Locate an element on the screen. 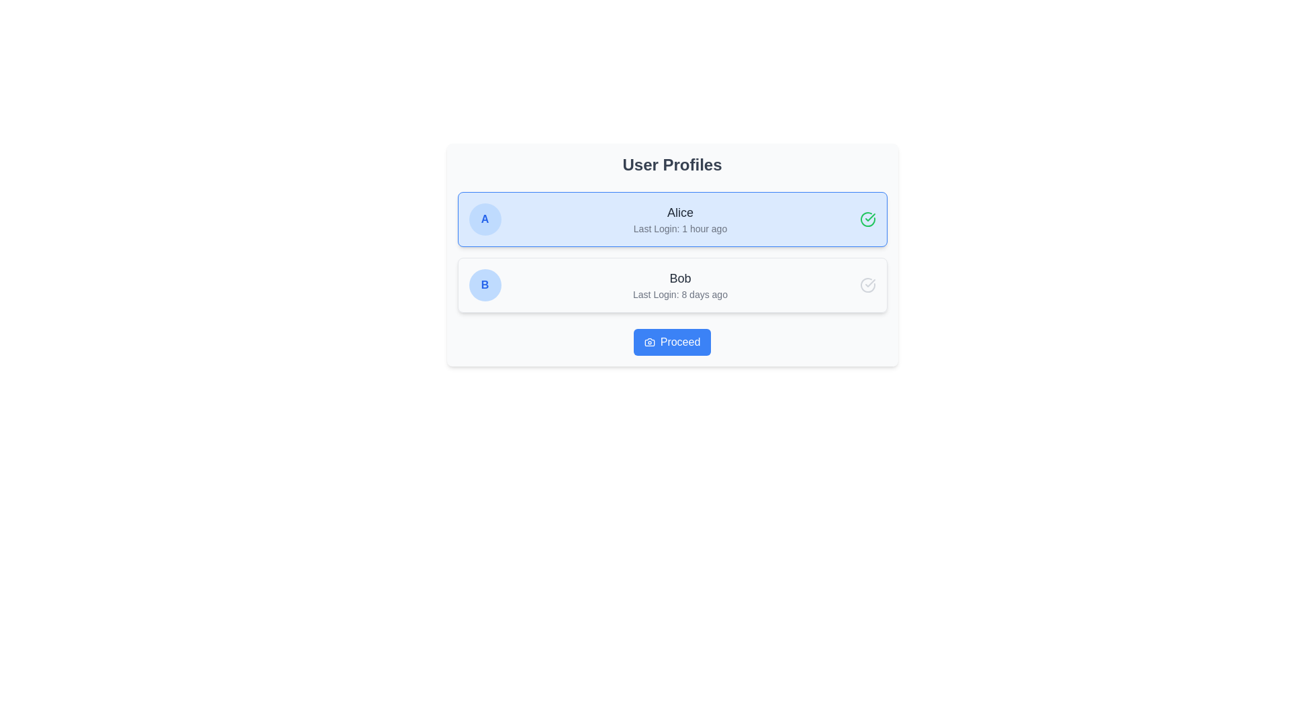 Image resolution: width=1289 pixels, height=725 pixels. the User profile card for 'Alice', which displays the username and last login information, positioned at the top of the user profiles list is located at coordinates (672, 219).